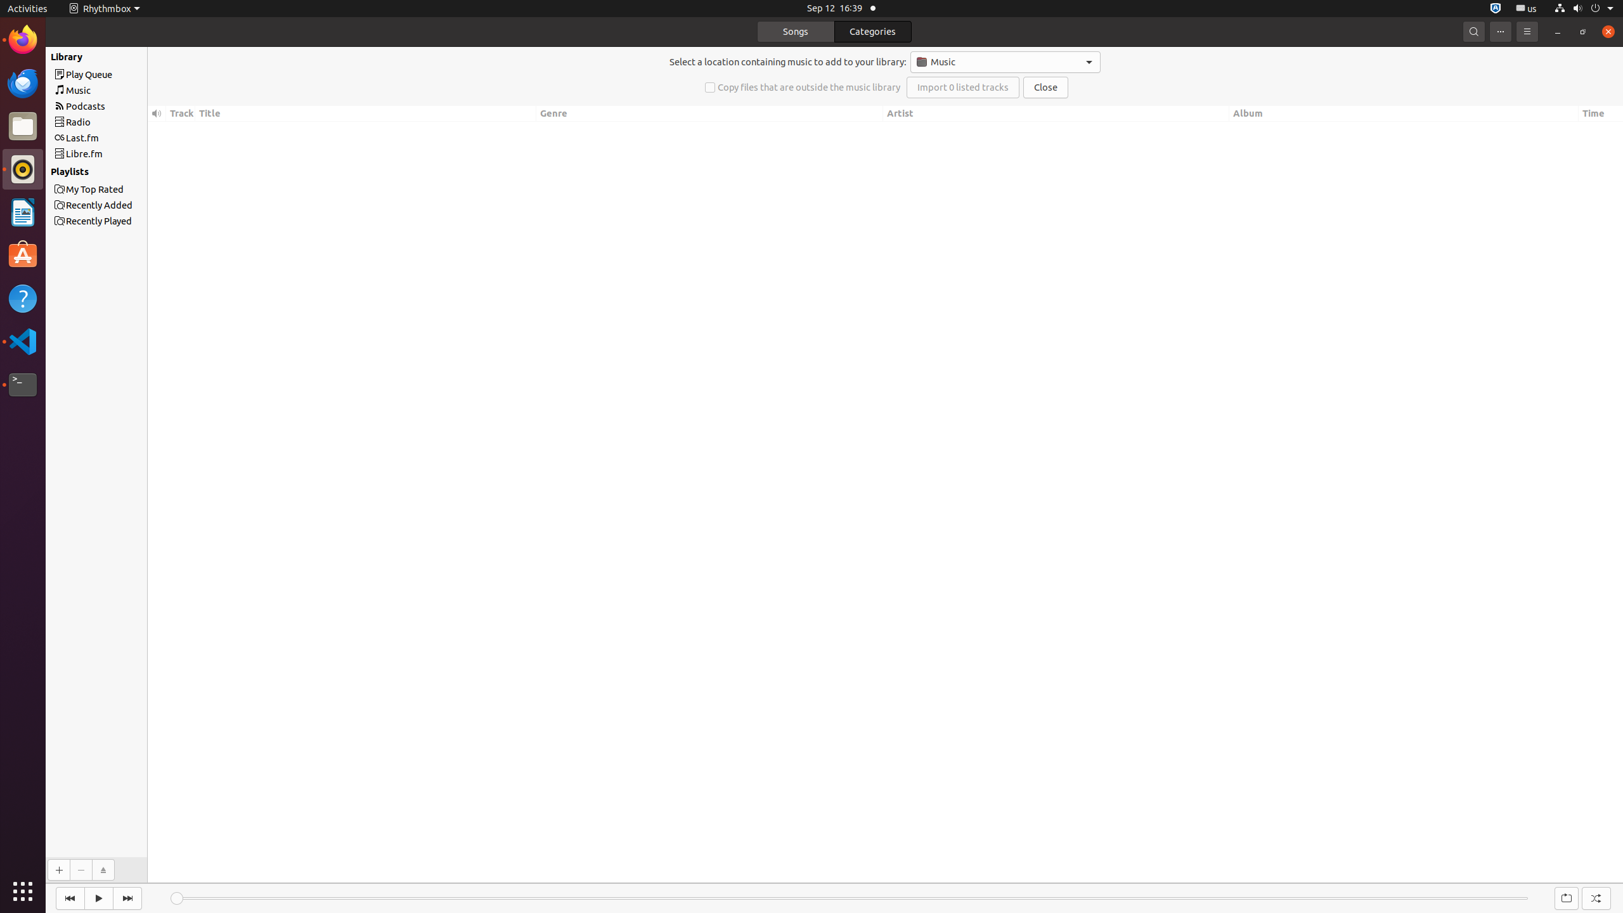  Describe the element at coordinates (80, 869) in the screenshot. I see `'Remove'` at that location.